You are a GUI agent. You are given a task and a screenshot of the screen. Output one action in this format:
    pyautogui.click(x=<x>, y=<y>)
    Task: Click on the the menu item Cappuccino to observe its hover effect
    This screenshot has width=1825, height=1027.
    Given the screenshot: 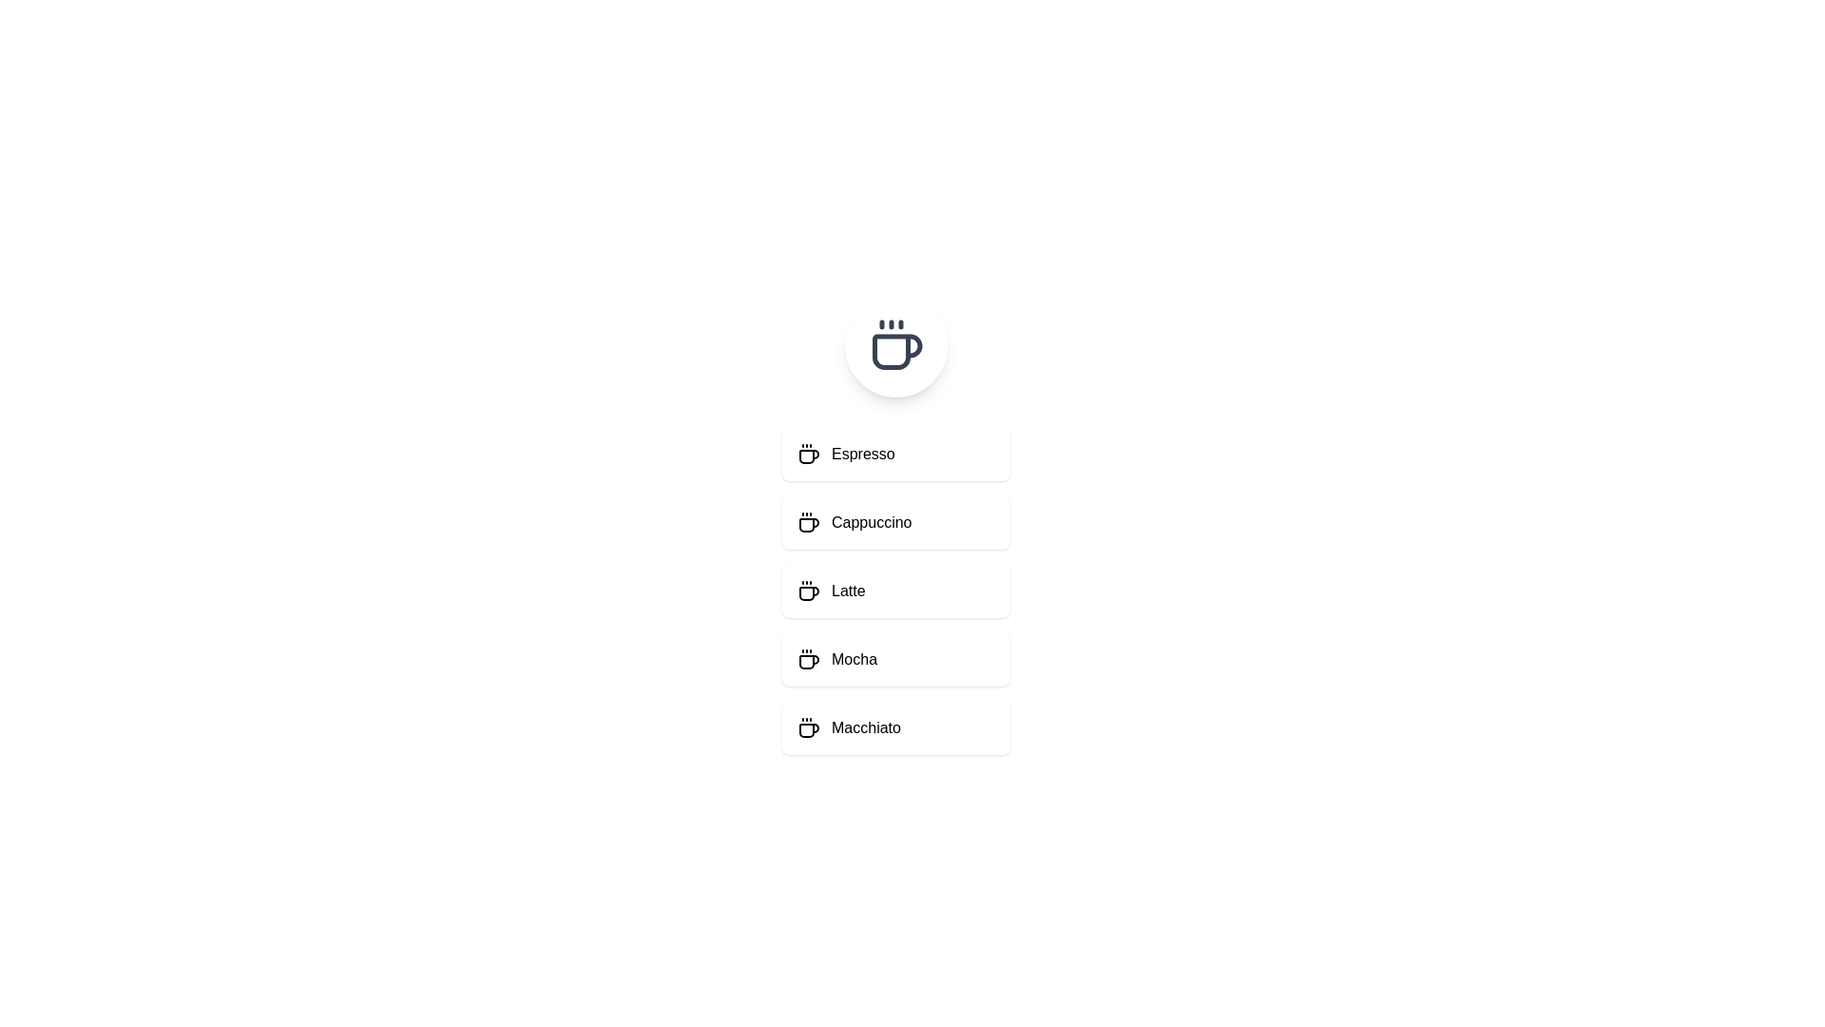 What is the action you would take?
    pyautogui.click(x=894, y=523)
    